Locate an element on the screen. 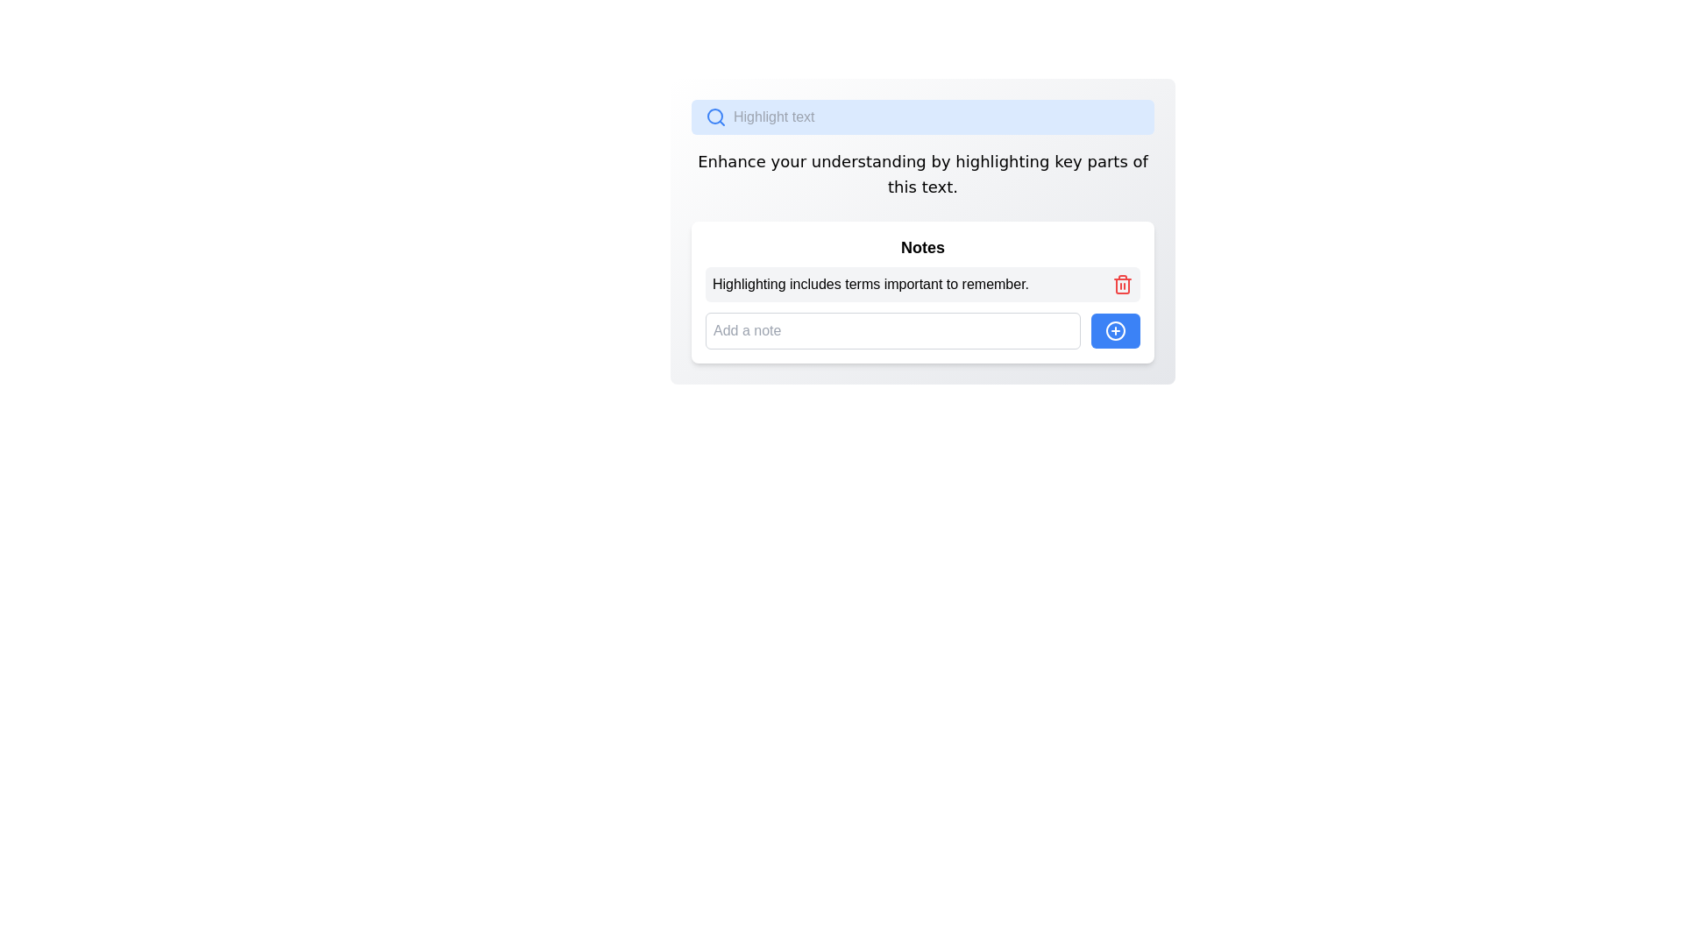 The height and width of the screenshot is (946, 1683). the character 'h' in the word 'highlighting' within the sentence 'Enhance your understanding by highlighting key parts of this text.' is located at coordinates (984, 161).